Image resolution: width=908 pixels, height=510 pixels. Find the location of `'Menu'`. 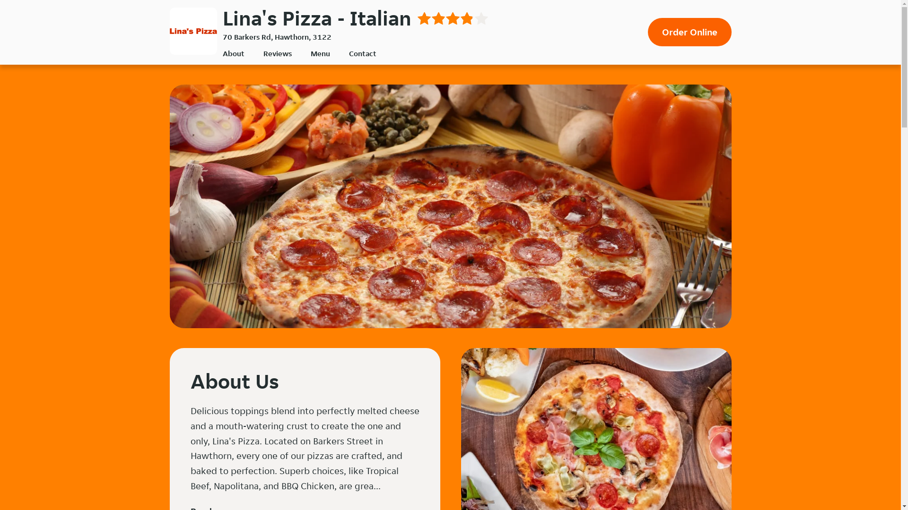

'Menu' is located at coordinates (320, 53).